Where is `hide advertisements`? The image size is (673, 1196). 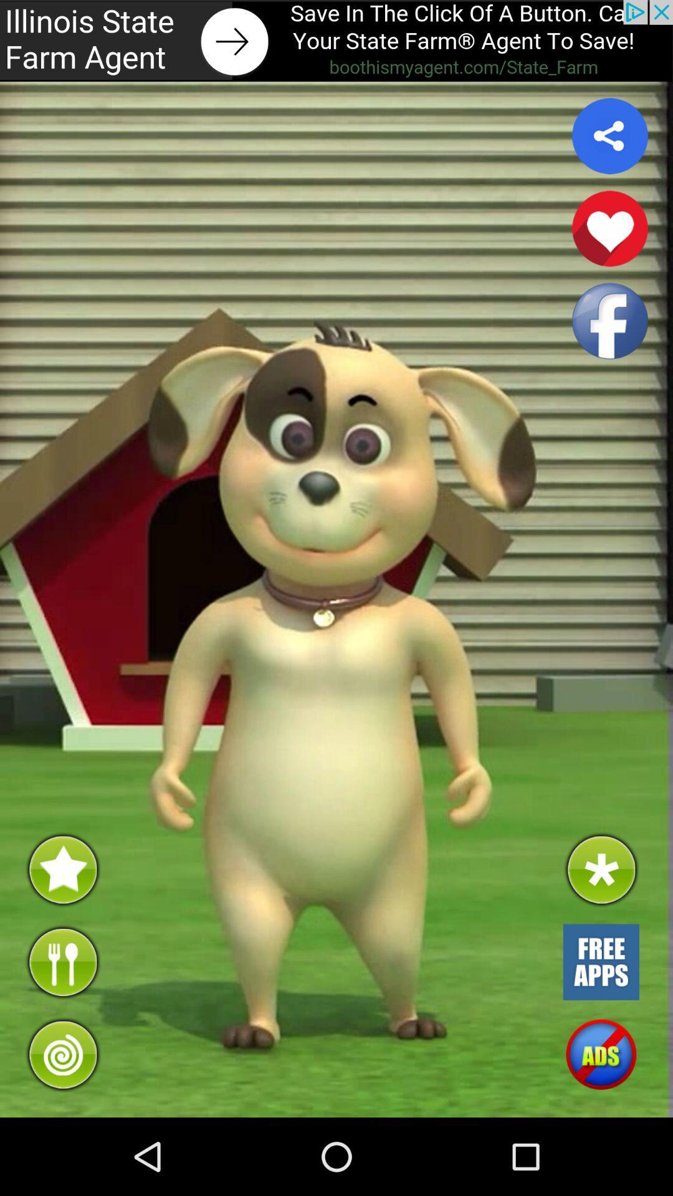 hide advertisements is located at coordinates (600, 1054).